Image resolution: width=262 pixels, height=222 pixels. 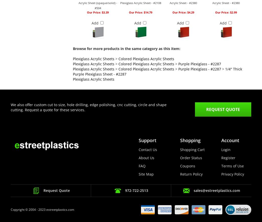 What do you see at coordinates (42, 209) in the screenshot?
I see `'Copyright © 2004 - 2023 estreetplastics.com'` at bounding box center [42, 209].